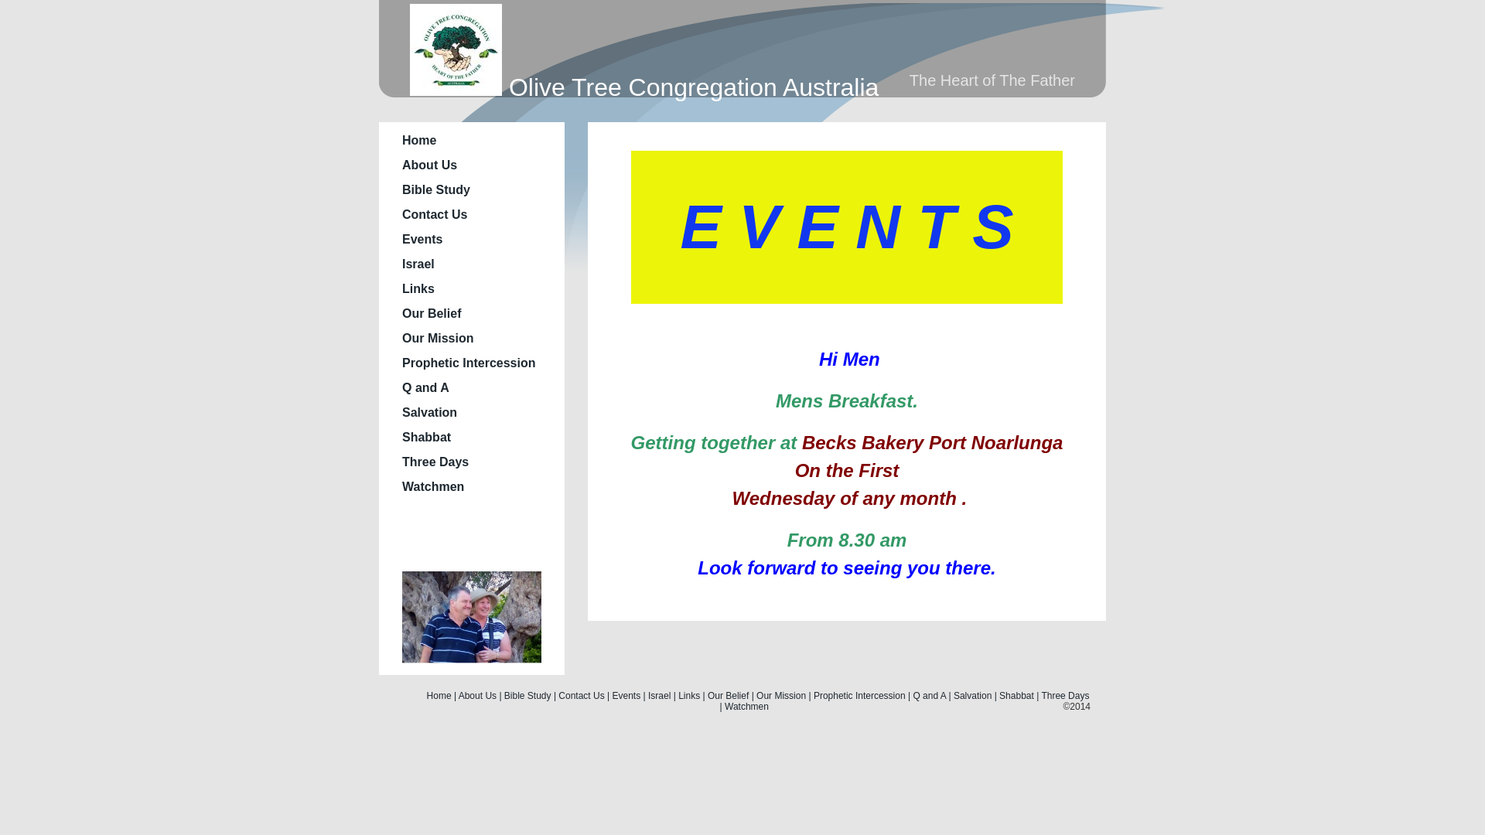 Image resolution: width=1485 pixels, height=835 pixels. What do you see at coordinates (746, 707) in the screenshot?
I see `'Watchmen'` at bounding box center [746, 707].